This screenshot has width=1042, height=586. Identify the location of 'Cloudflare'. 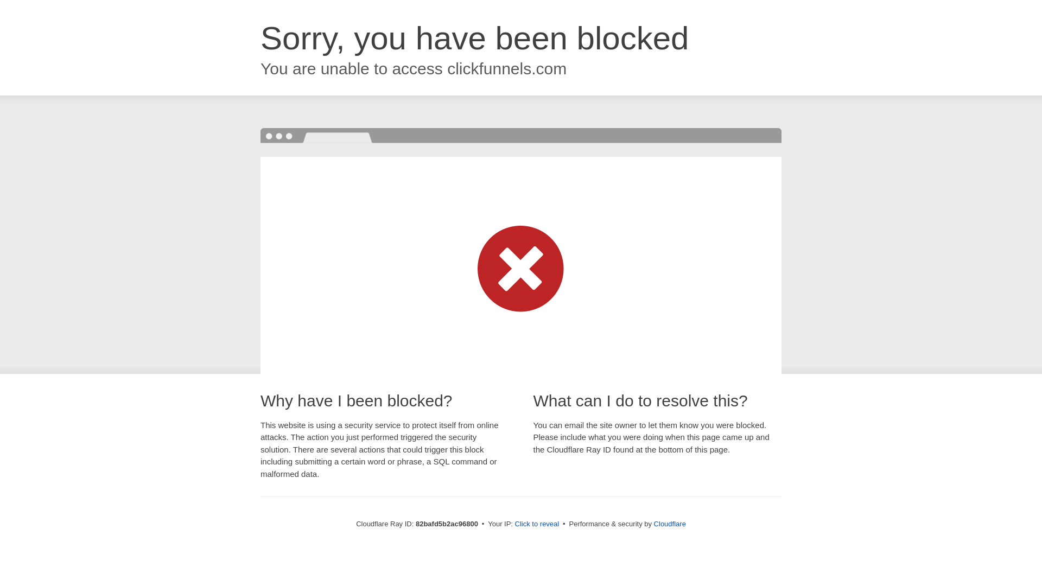
(653, 523).